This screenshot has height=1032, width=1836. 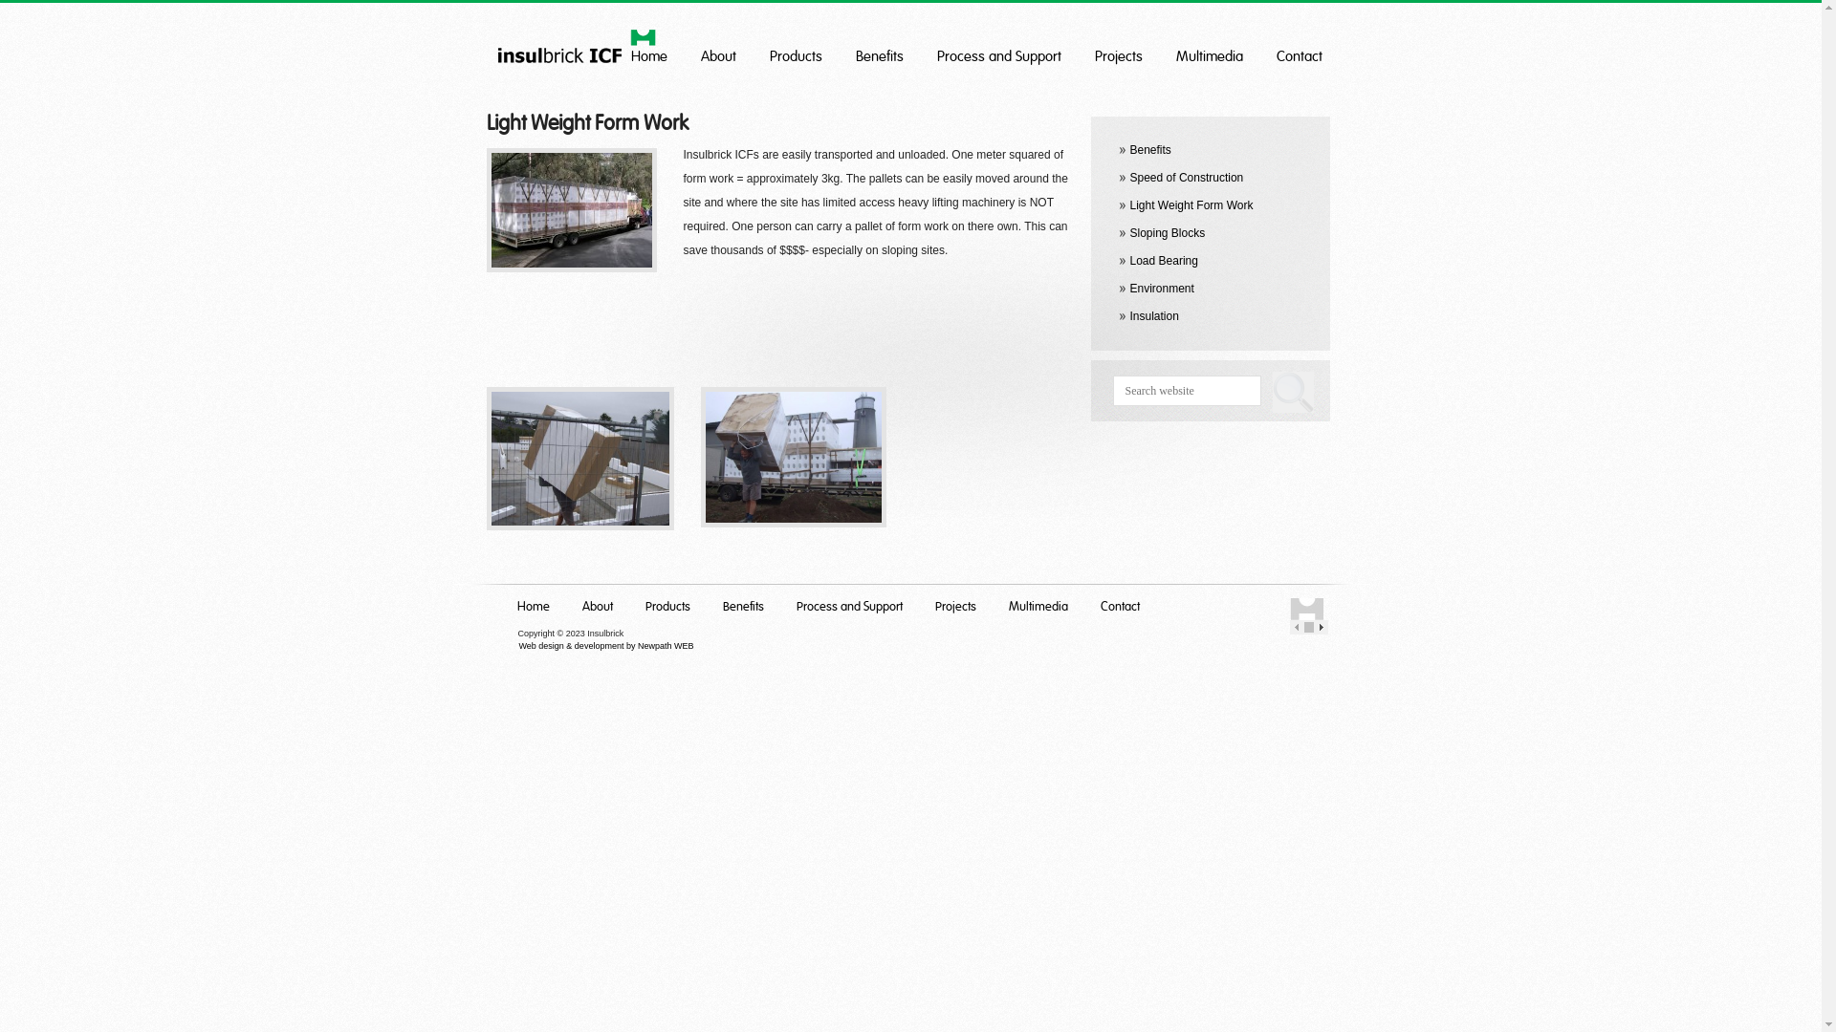 I want to click on 'Benefits', so click(x=741, y=602).